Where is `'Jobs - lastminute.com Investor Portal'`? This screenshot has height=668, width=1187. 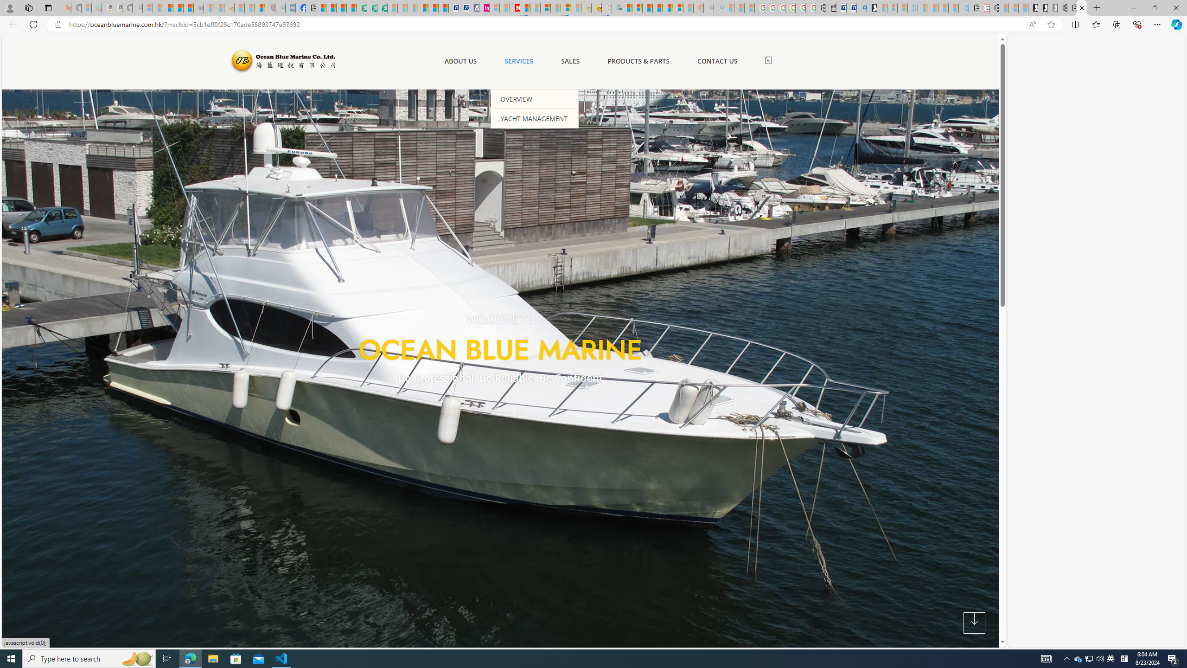 'Jobs - lastminute.com Investor Portal' is located at coordinates (484, 7).